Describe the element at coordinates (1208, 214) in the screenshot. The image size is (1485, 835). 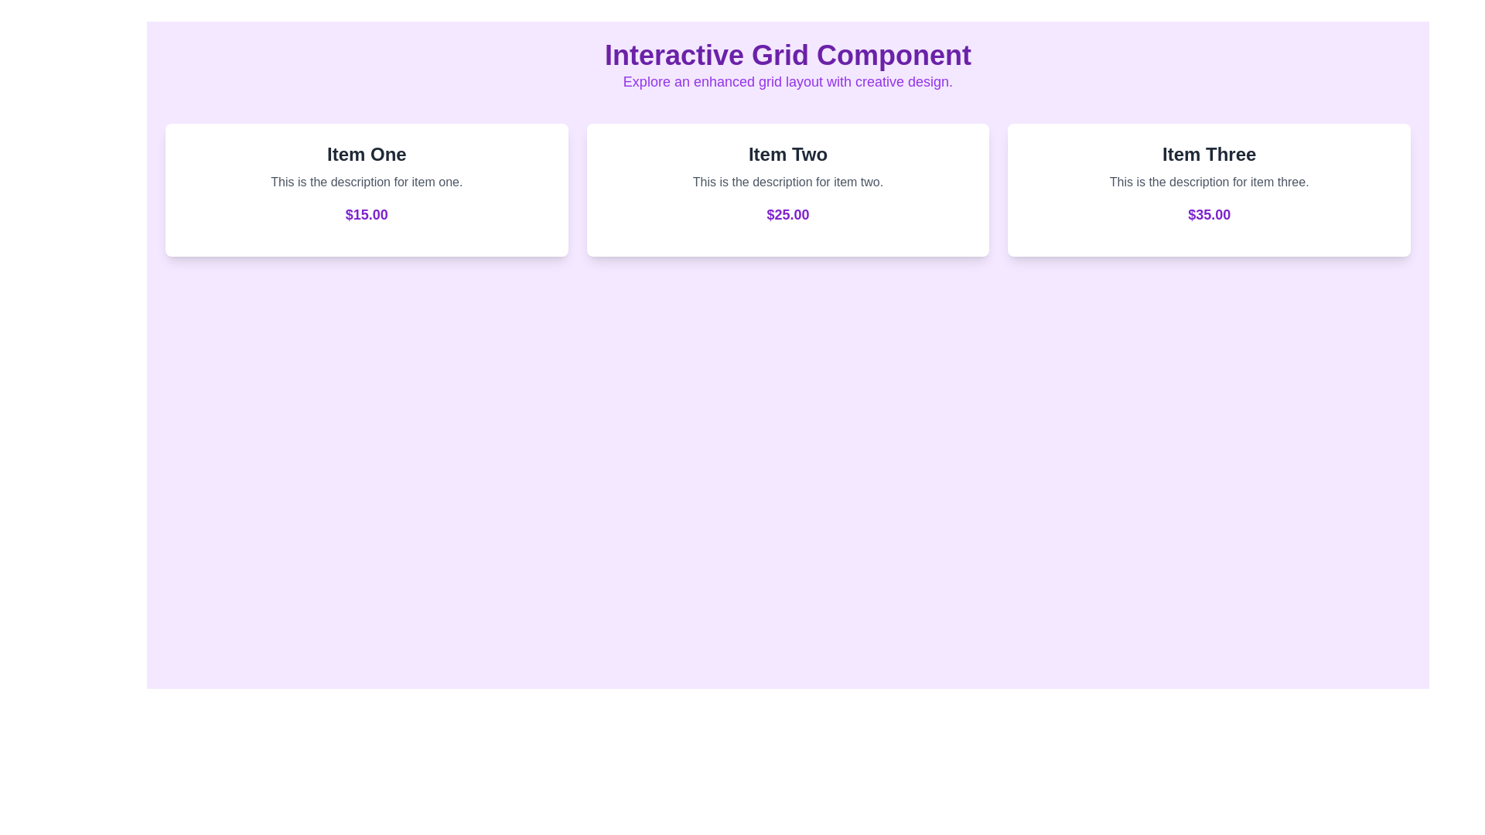
I see `text label displaying the price '$35.00' styled in bold purple font, located at the bottom of the 'Item Three' card` at that location.